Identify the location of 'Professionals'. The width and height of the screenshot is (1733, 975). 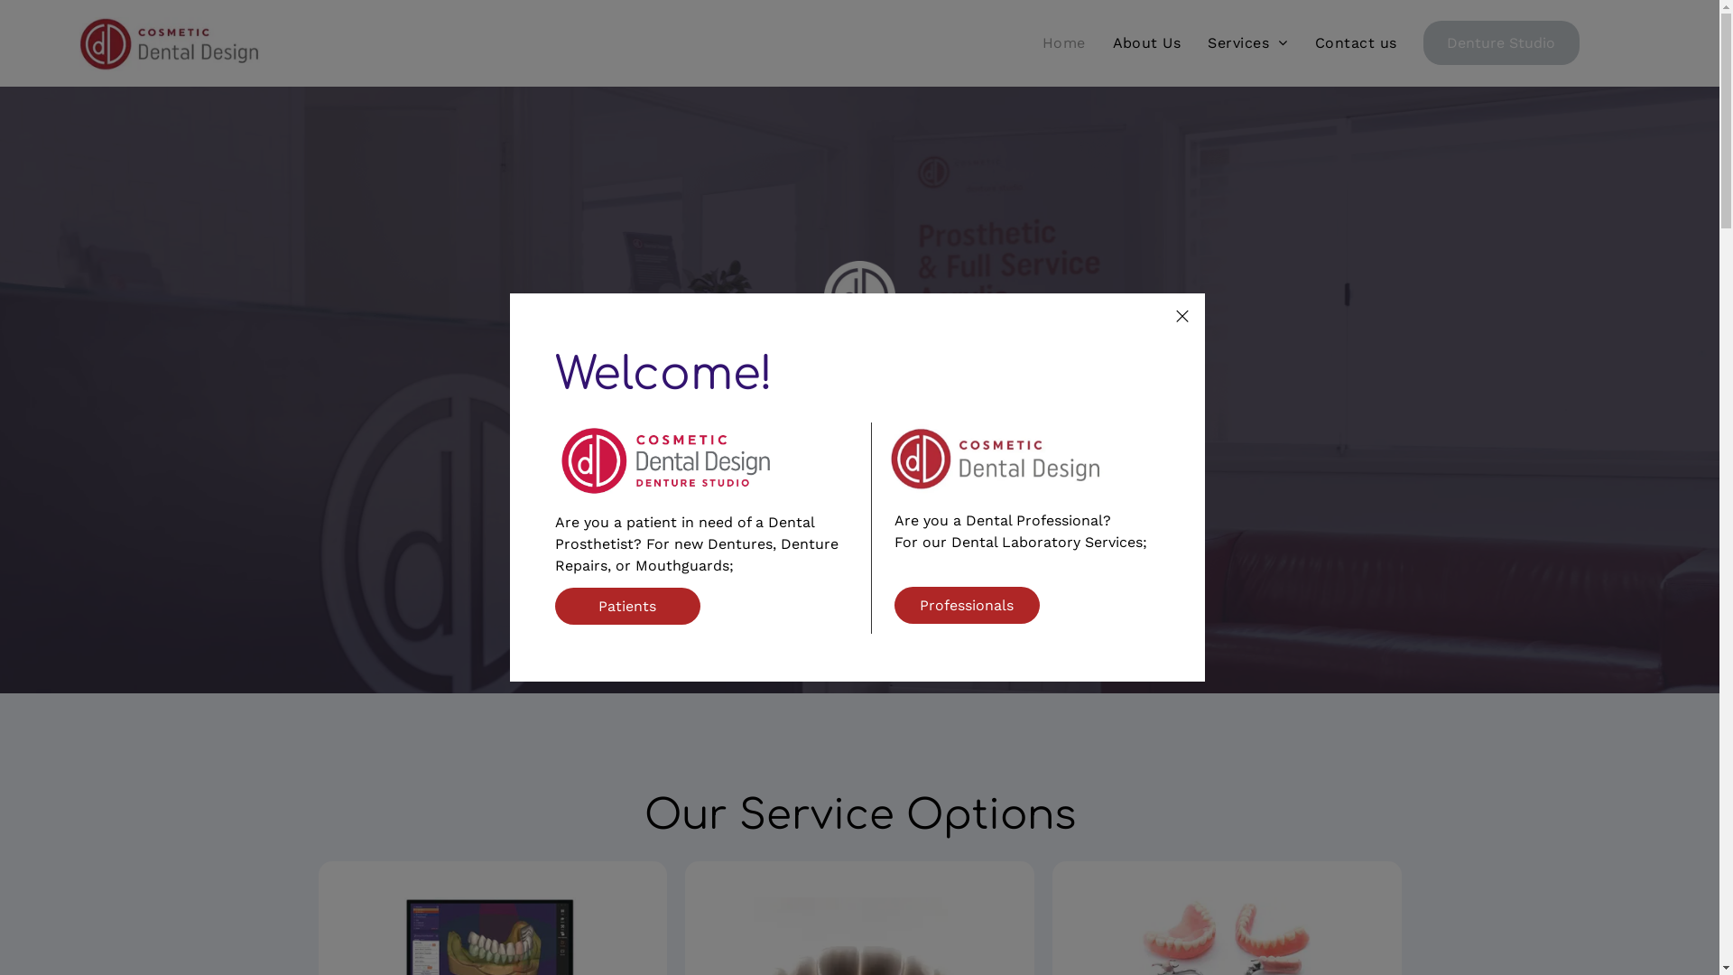
(966, 605).